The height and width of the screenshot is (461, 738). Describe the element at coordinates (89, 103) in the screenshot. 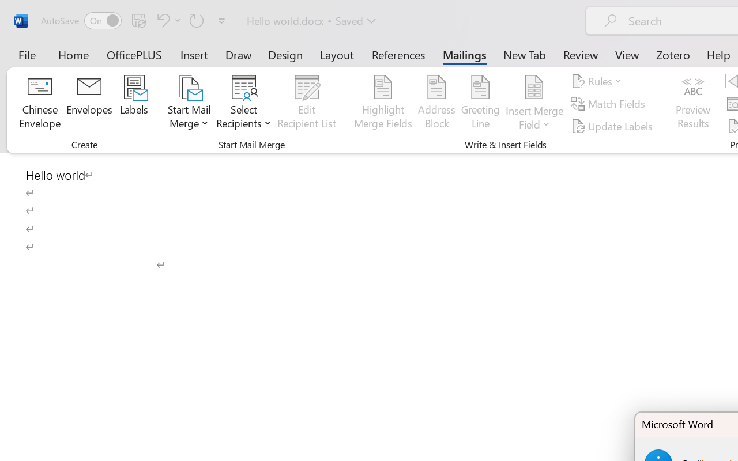

I see `'Envelopes...'` at that location.